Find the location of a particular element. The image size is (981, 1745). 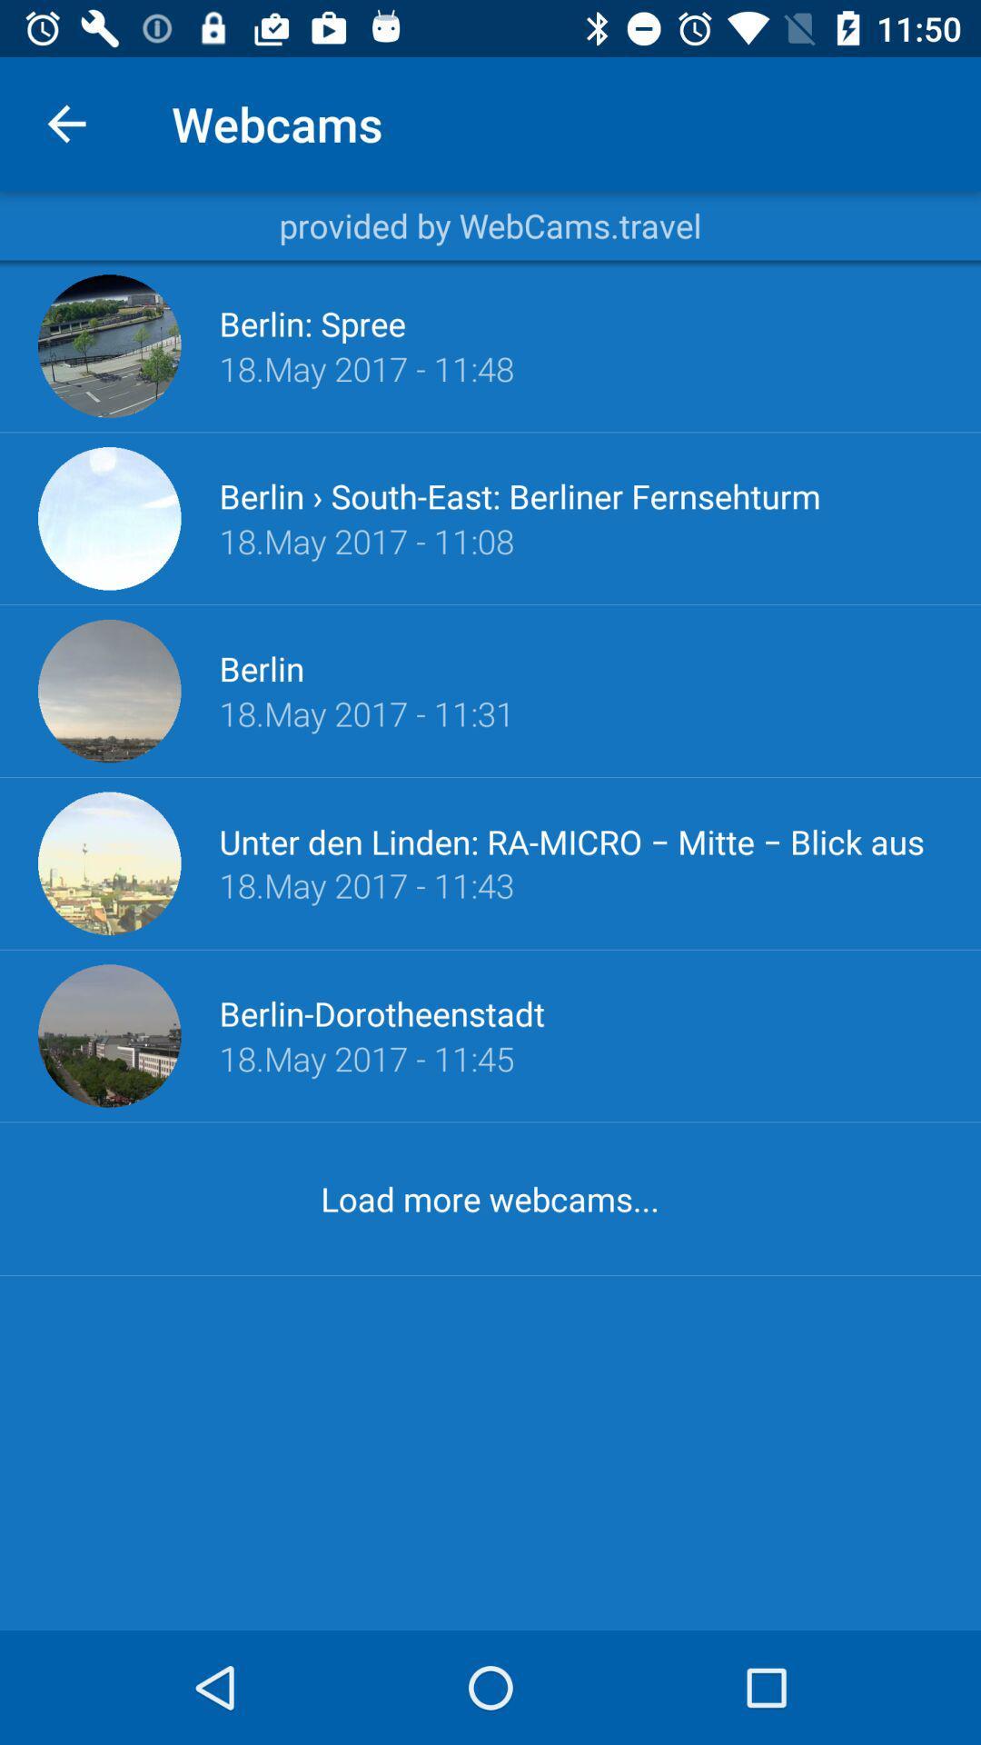

icon below 18 may 2017 is located at coordinates (520, 496).